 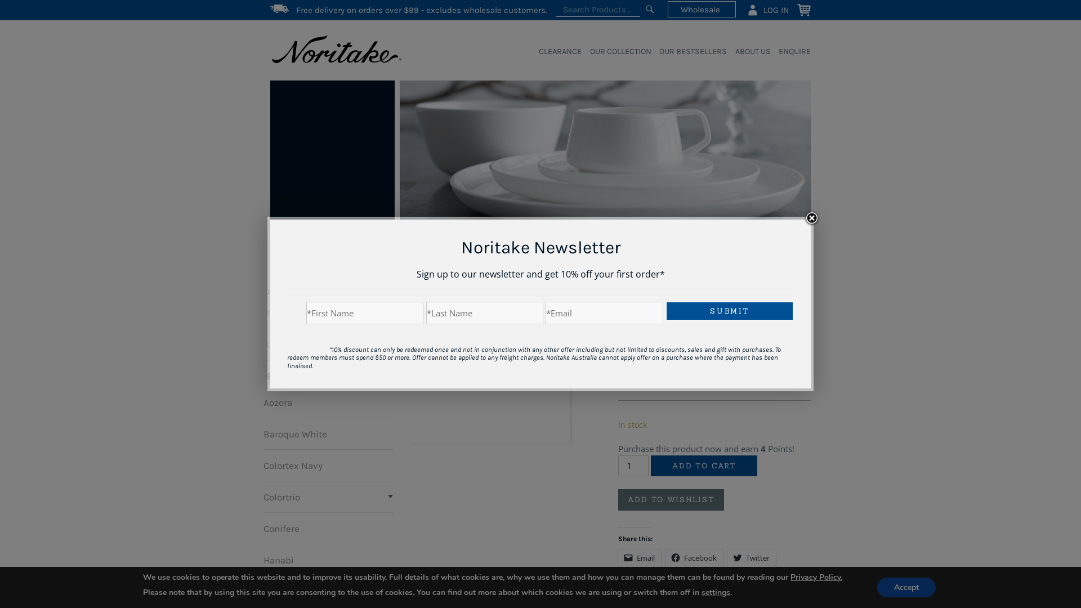 What do you see at coordinates (703, 466) in the screenshot?
I see `'ADD TO CART'` at bounding box center [703, 466].